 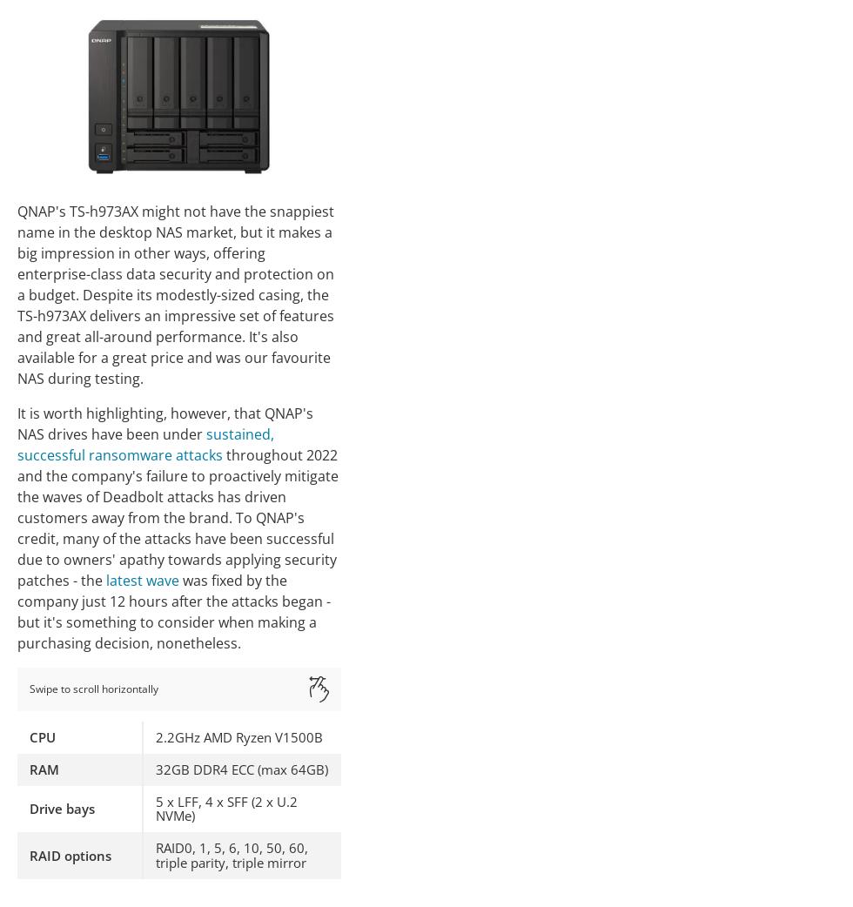 I want to click on 'latest wave', so click(x=142, y=580).